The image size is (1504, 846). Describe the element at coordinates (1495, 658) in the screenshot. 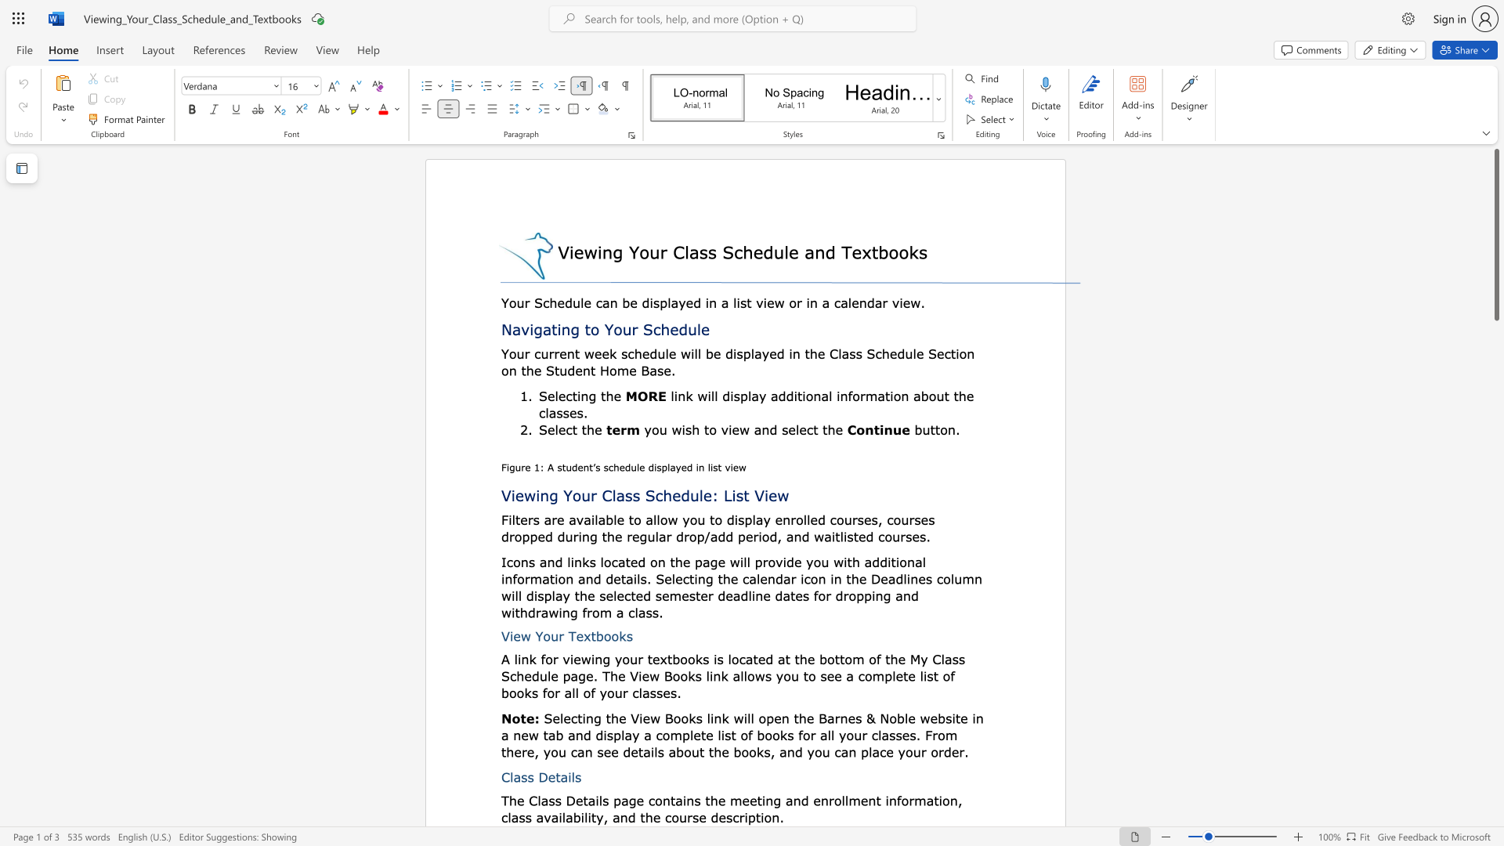

I see `the scrollbar on the right to move the page downward` at that location.